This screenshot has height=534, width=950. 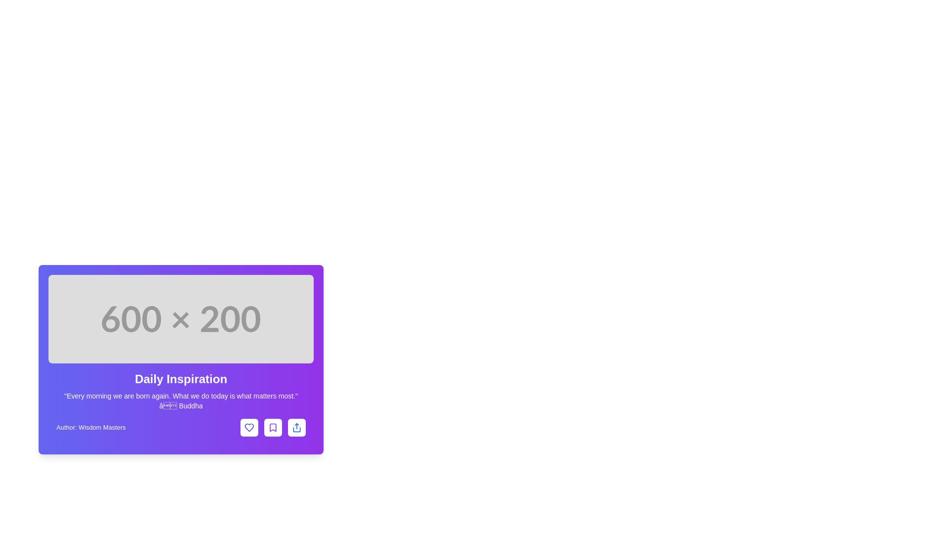 What do you see at coordinates (181, 378) in the screenshot?
I see `the Text Label that serves as a section title or header, located centrally within the card layout, above the quote and below an image` at bounding box center [181, 378].